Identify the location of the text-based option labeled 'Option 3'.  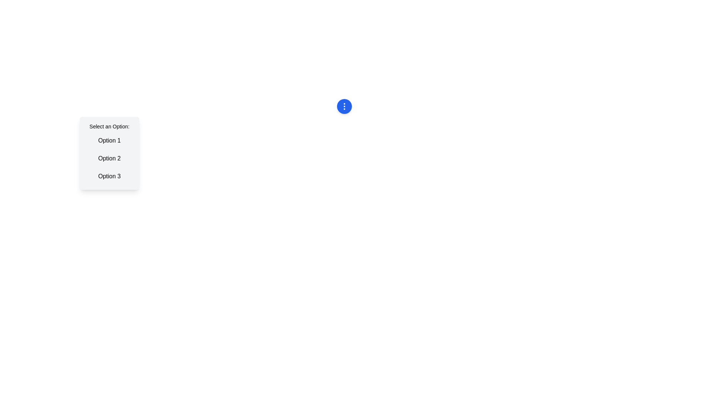
(109, 176).